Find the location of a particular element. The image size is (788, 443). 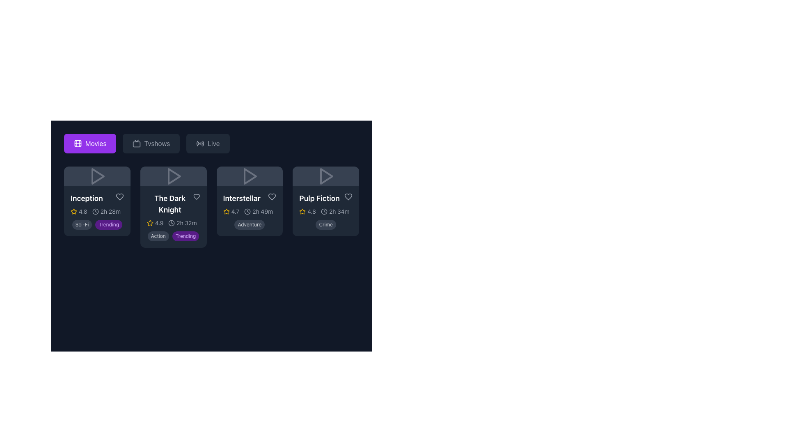

the circular clock icon representing the runtime of the 'Interstellar' movie card, which has a hand pointing to a specific time and is styled in a minimalist outline next to the text '2h 49m' is located at coordinates (247, 211).